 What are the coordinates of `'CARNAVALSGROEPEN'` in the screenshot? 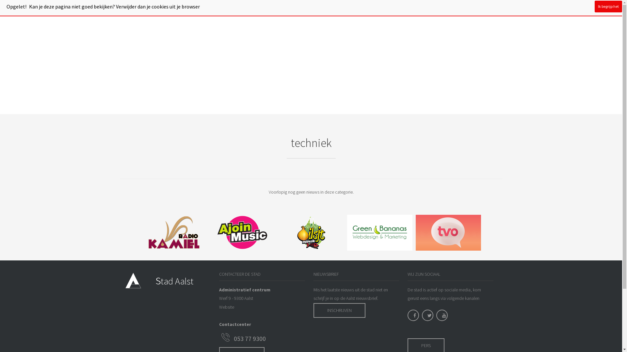 It's located at (242, 8).